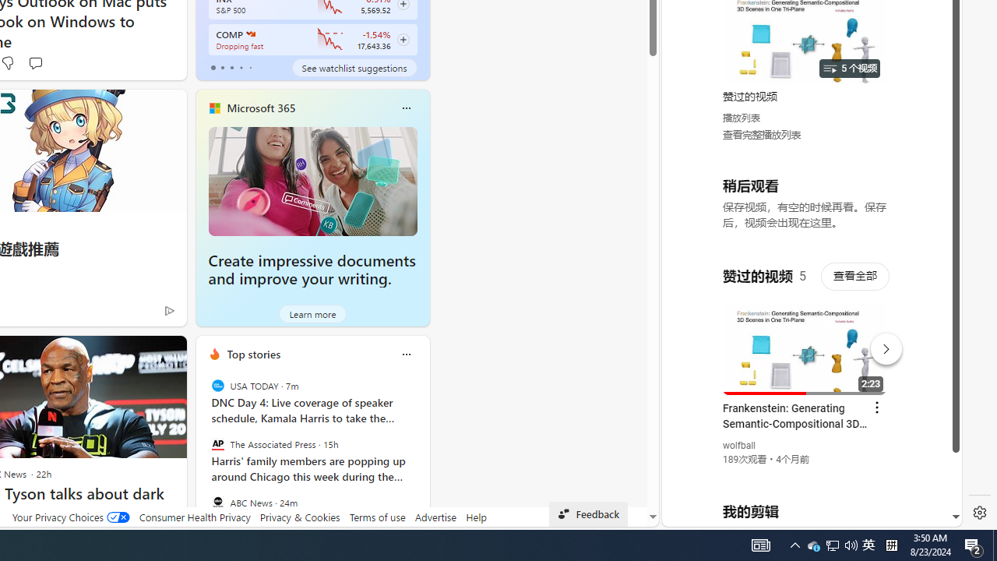  What do you see at coordinates (221, 67) in the screenshot?
I see `'tab-1'` at bounding box center [221, 67].